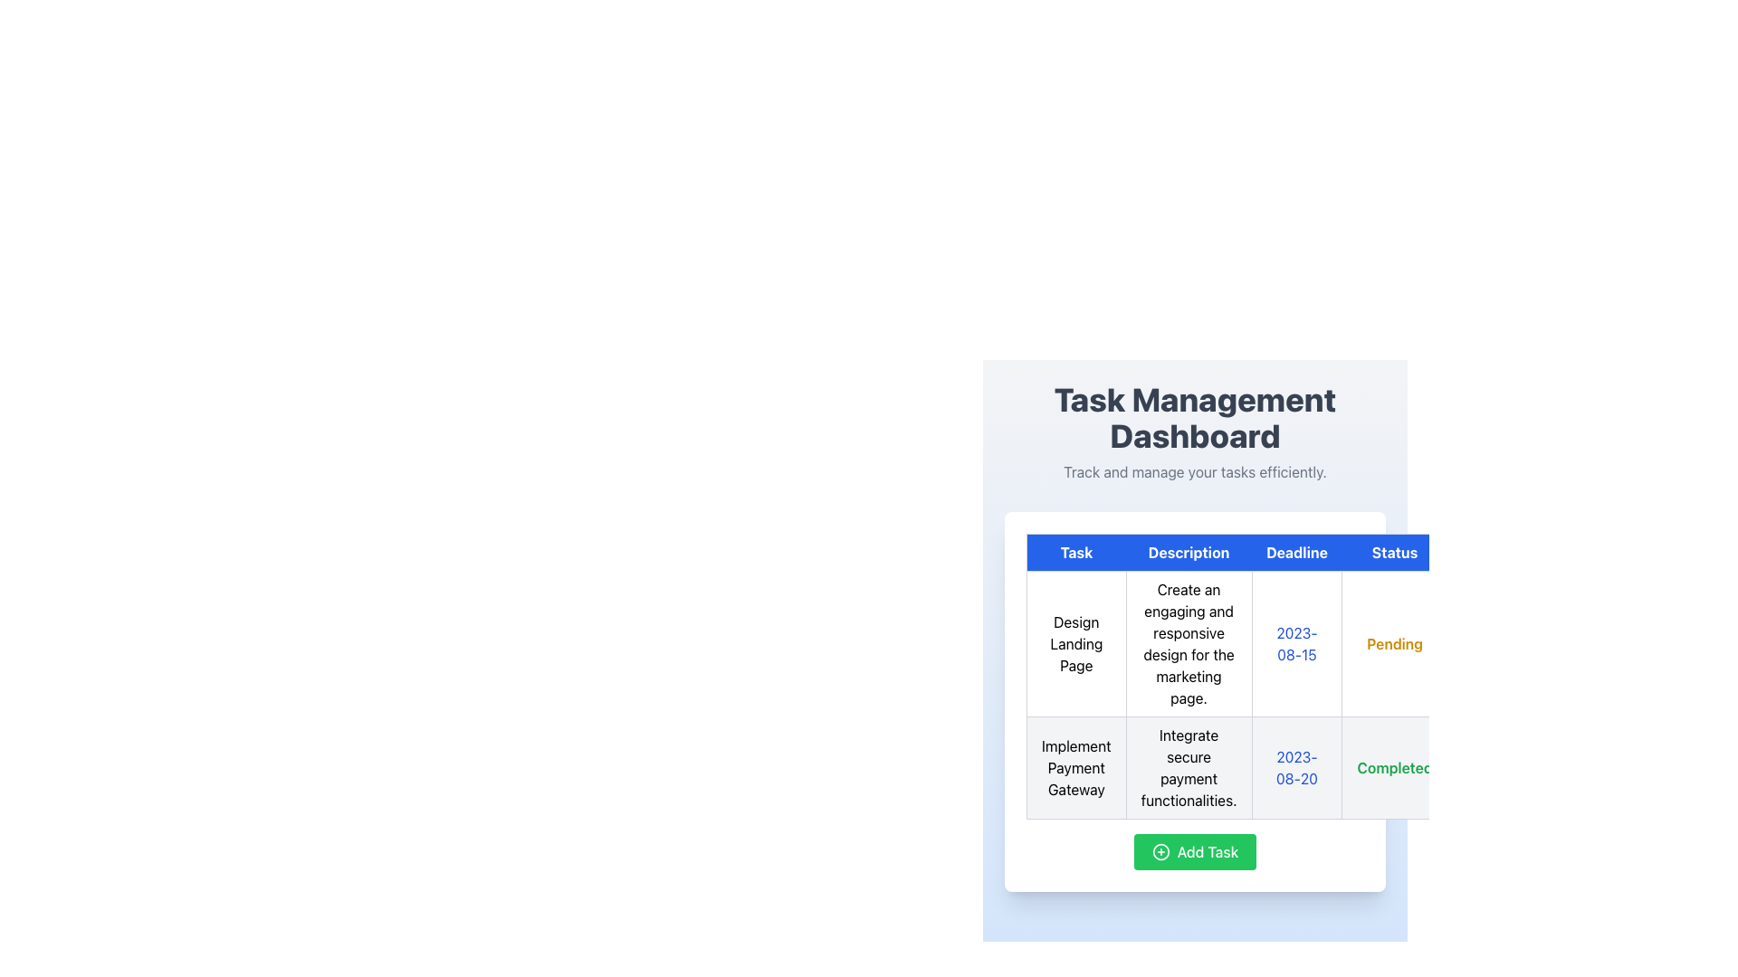 The height and width of the screenshot is (977, 1738). What do you see at coordinates (1277, 767) in the screenshot?
I see `the second row of the task management table` at bounding box center [1277, 767].